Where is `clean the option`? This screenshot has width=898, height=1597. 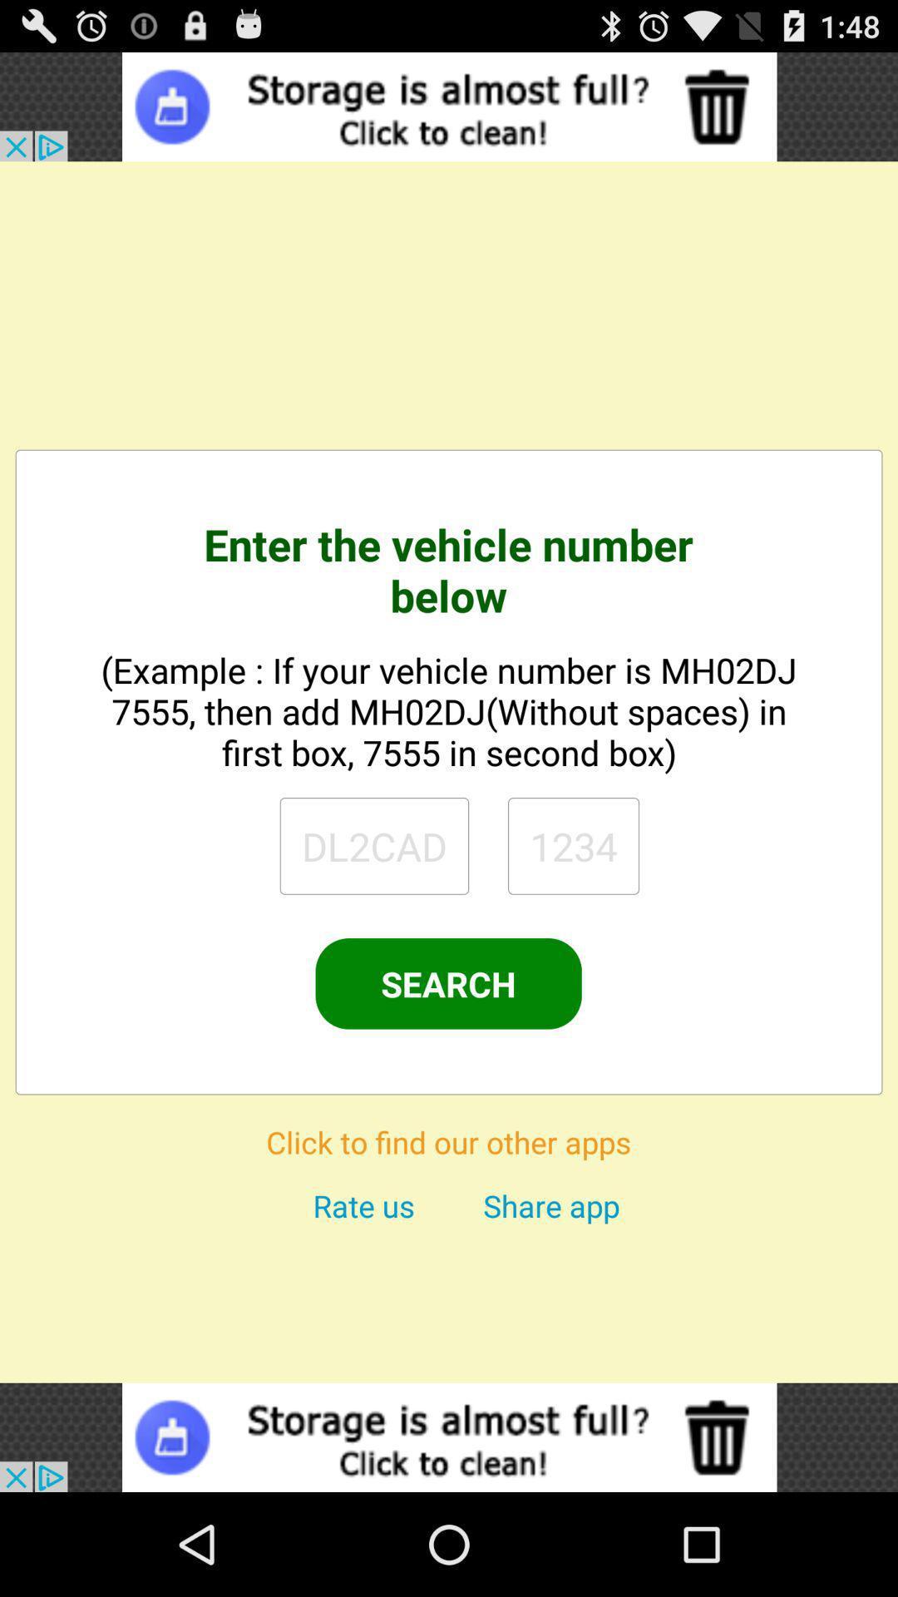
clean the option is located at coordinates (449, 106).